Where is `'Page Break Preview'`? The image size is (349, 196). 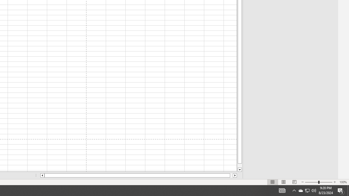
'Page Break Preview' is located at coordinates (294, 182).